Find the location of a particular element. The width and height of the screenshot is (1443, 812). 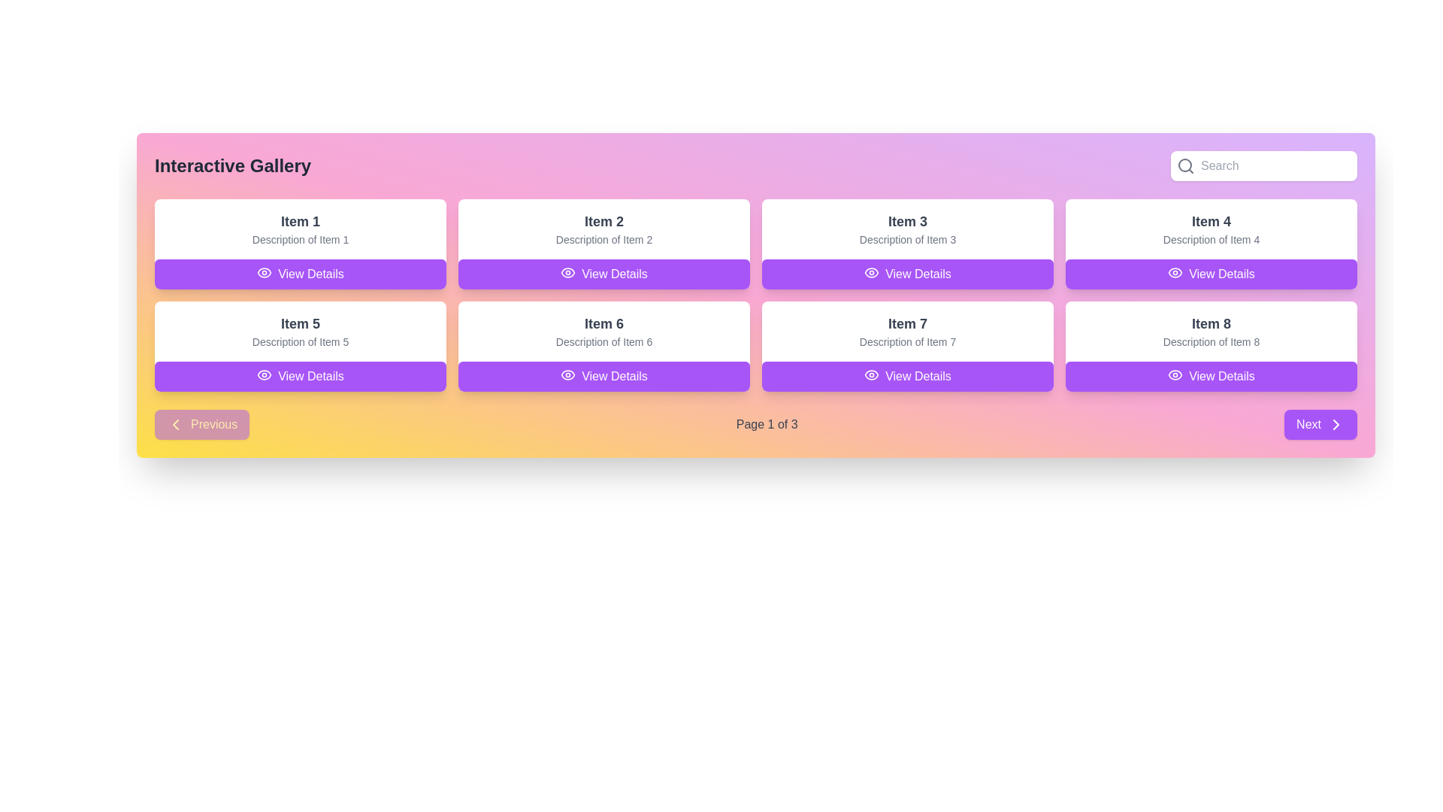

the Text label that provides descriptive information about 'Item 3', positioned below its title in the top-right cell of a 2x4 grid layout is located at coordinates (907, 239).